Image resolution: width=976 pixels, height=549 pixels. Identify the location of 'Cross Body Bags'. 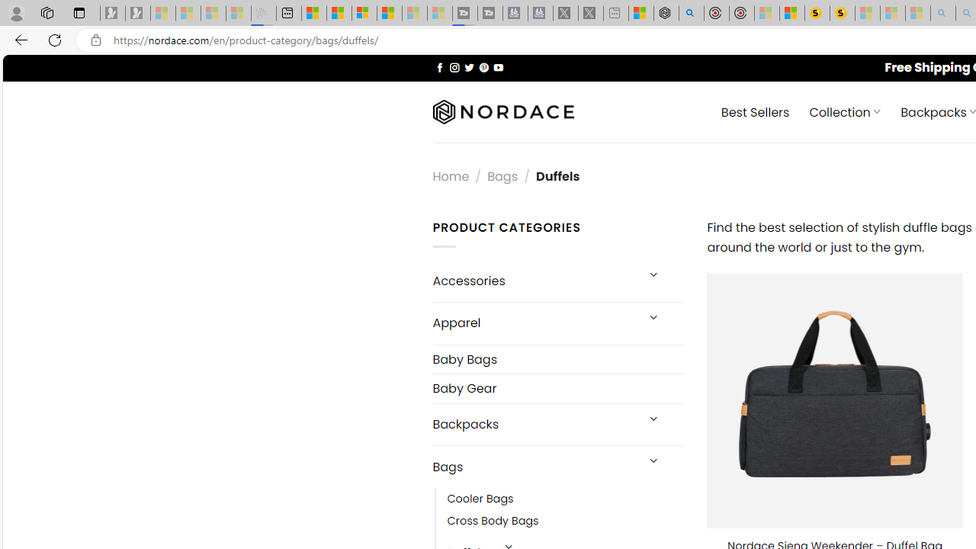
(493, 521).